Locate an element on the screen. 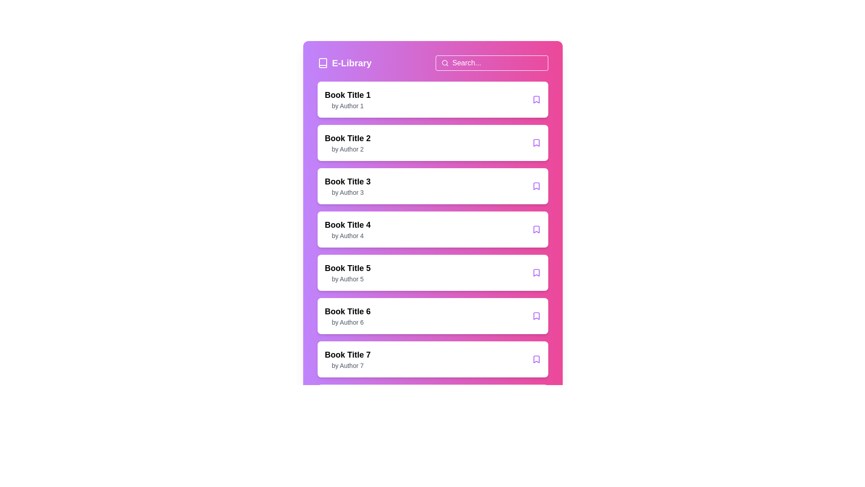  the bookmark icon with a purple outline located on the right side of the list item for 'Book Title 2 by Author 2' to interact and potentially bookmark the item is located at coordinates (536, 142).